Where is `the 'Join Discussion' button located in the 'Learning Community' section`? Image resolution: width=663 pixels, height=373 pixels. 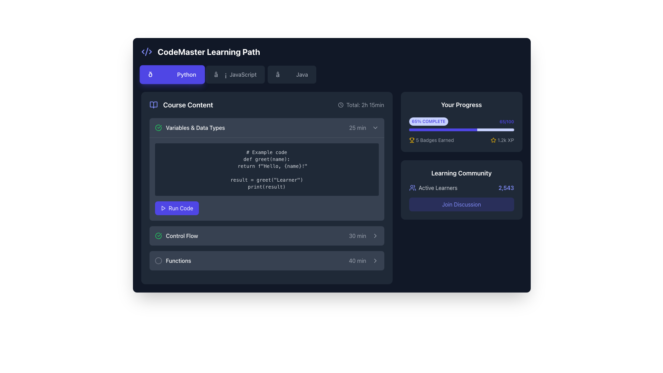 the 'Join Discussion' button located in the 'Learning Community' section is located at coordinates (461, 197).